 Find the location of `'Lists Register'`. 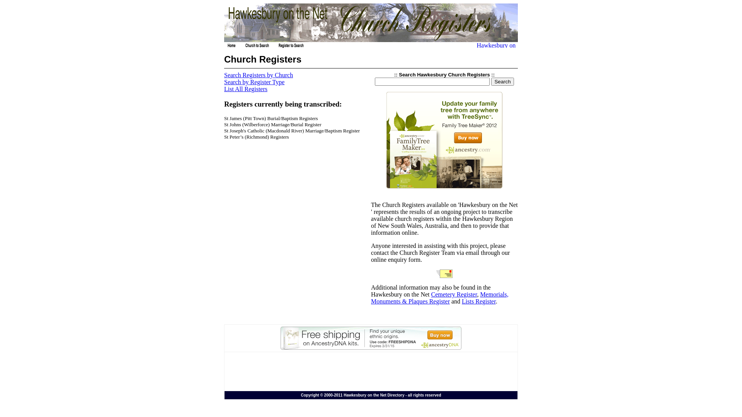

'Lists Register' is located at coordinates (462, 301).